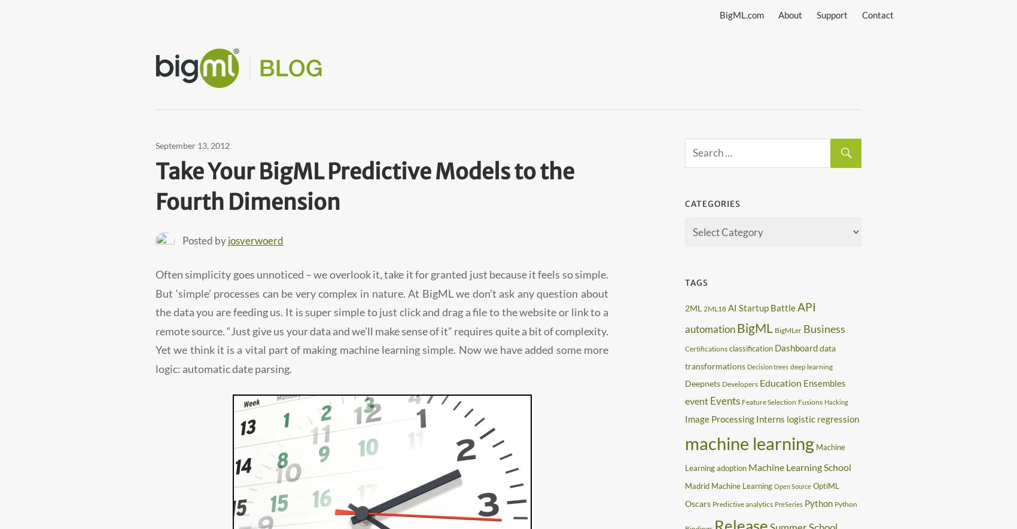  I want to click on 'Business', so click(824, 327).